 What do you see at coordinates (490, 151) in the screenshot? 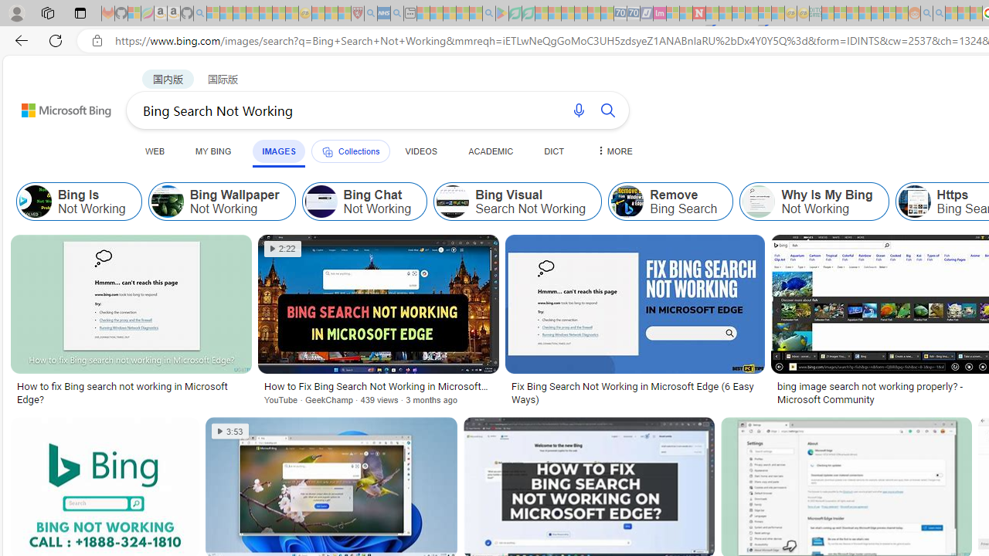
I see `'ACADEMIC'` at bounding box center [490, 151].